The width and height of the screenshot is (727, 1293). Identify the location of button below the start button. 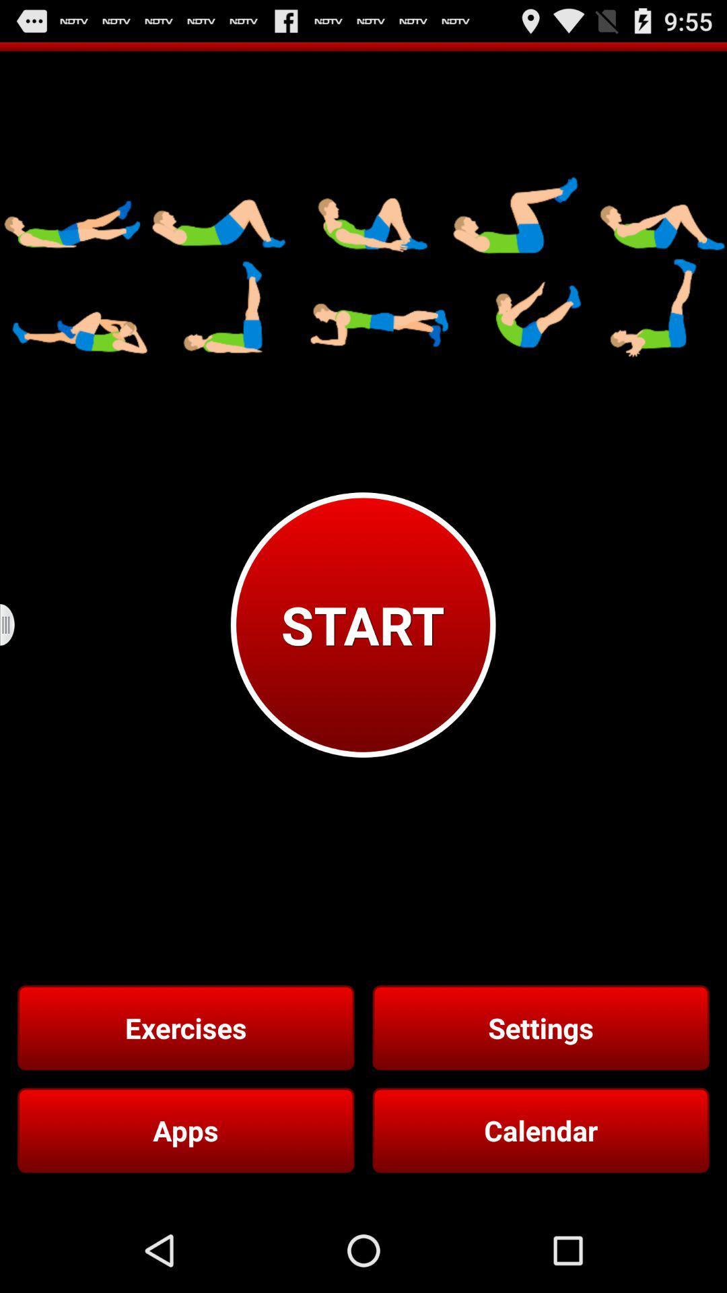
(540, 1027).